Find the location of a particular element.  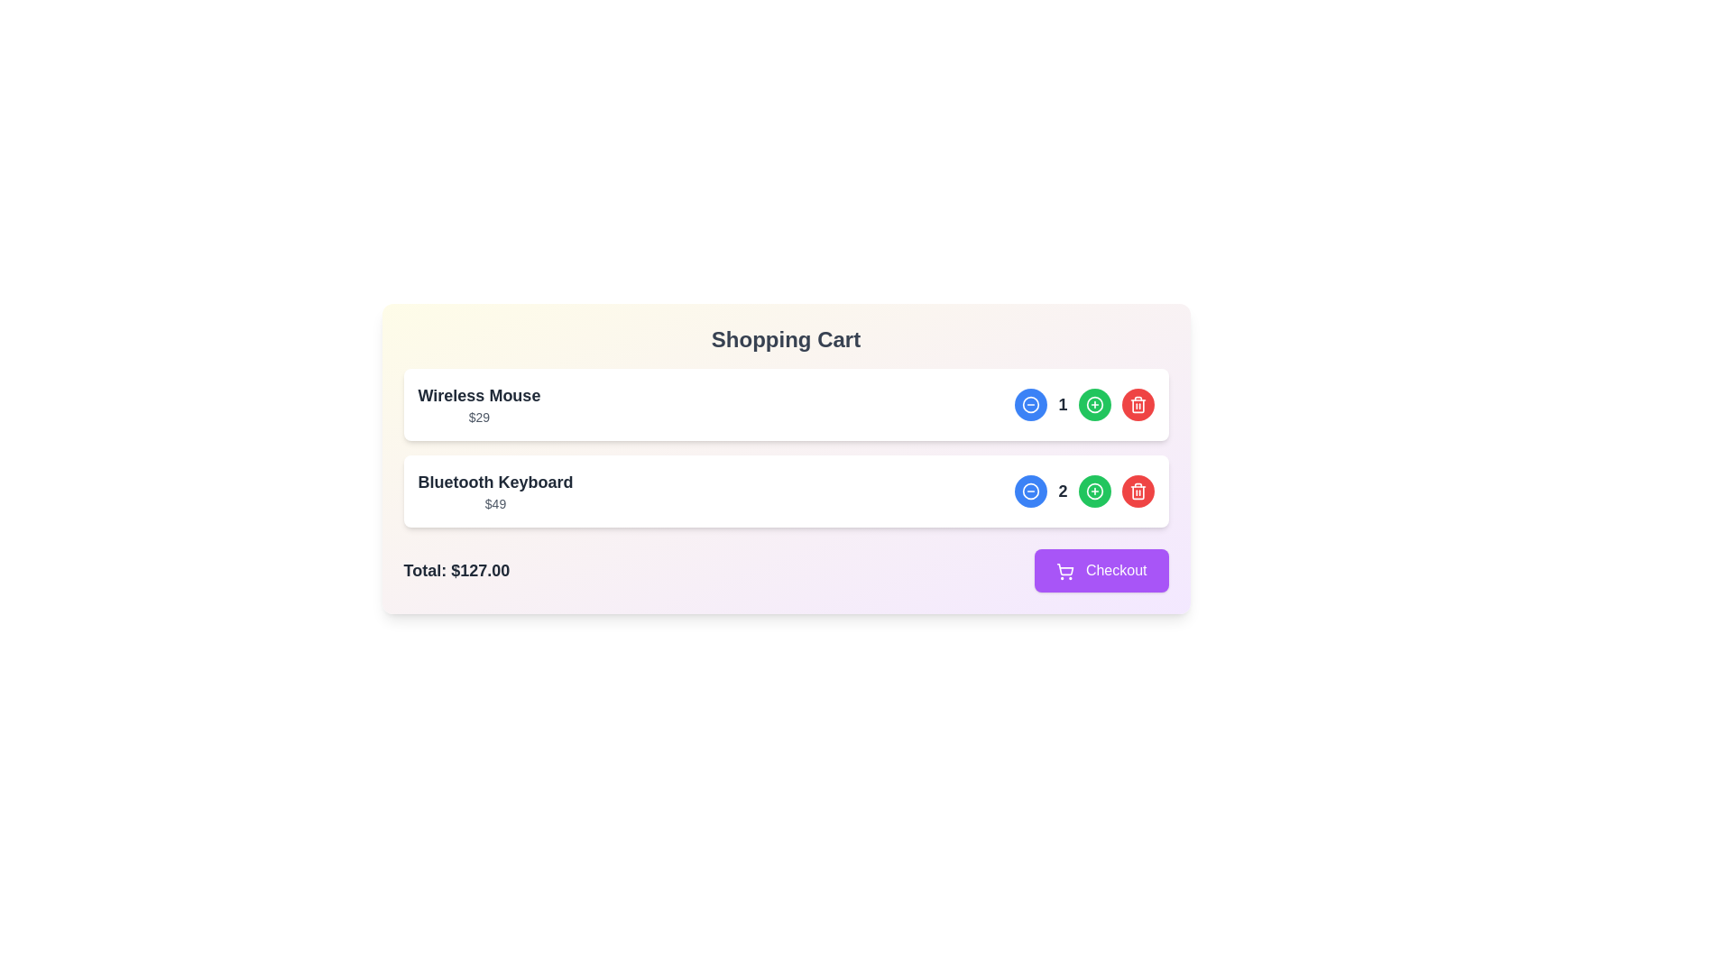

the circular button with a trash can icon, which has a red background and is located to the right of the green add button and the blue decrement button in the shopping cart is located at coordinates (1137, 403).